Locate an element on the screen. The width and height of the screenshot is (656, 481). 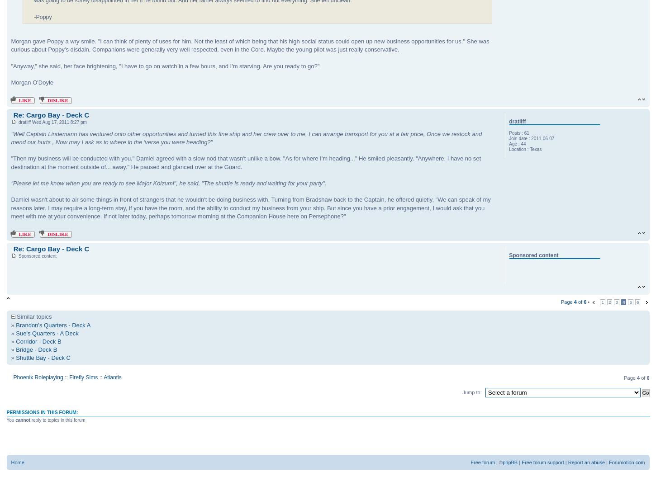
'Sue's Quarters - A Deck' is located at coordinates (47, 333).